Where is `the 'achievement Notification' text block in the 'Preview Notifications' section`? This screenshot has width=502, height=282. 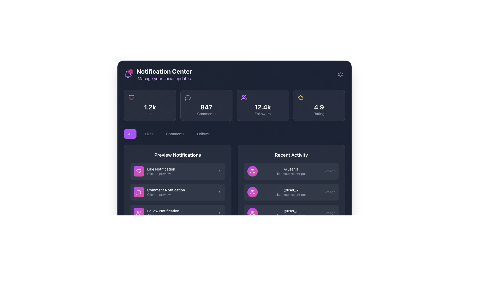 the 'achievement Notification' text block in the 'Preview Notifications' section is located at coordinates (181, 233).